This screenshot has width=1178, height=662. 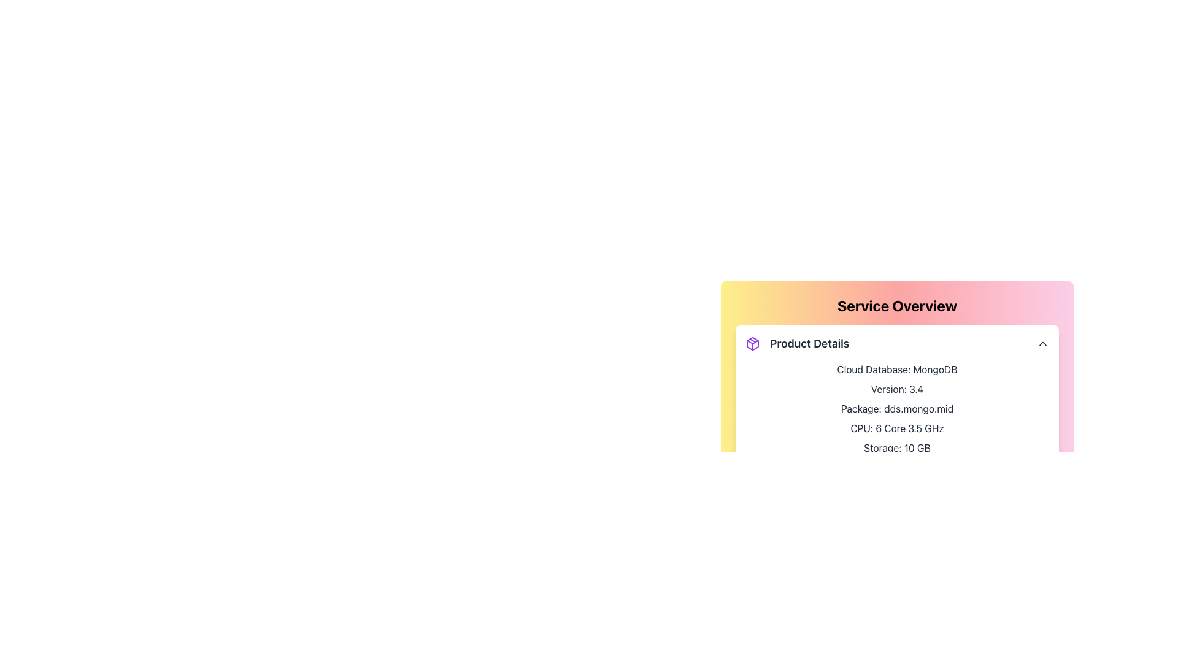 What do you see at coordinates (752, 343) in the screenshot?
I see `the purple cube icon located to the left of the 'Product Details' text within the 'Service Overview' card for further interaction` at bounding box center [752, 343].